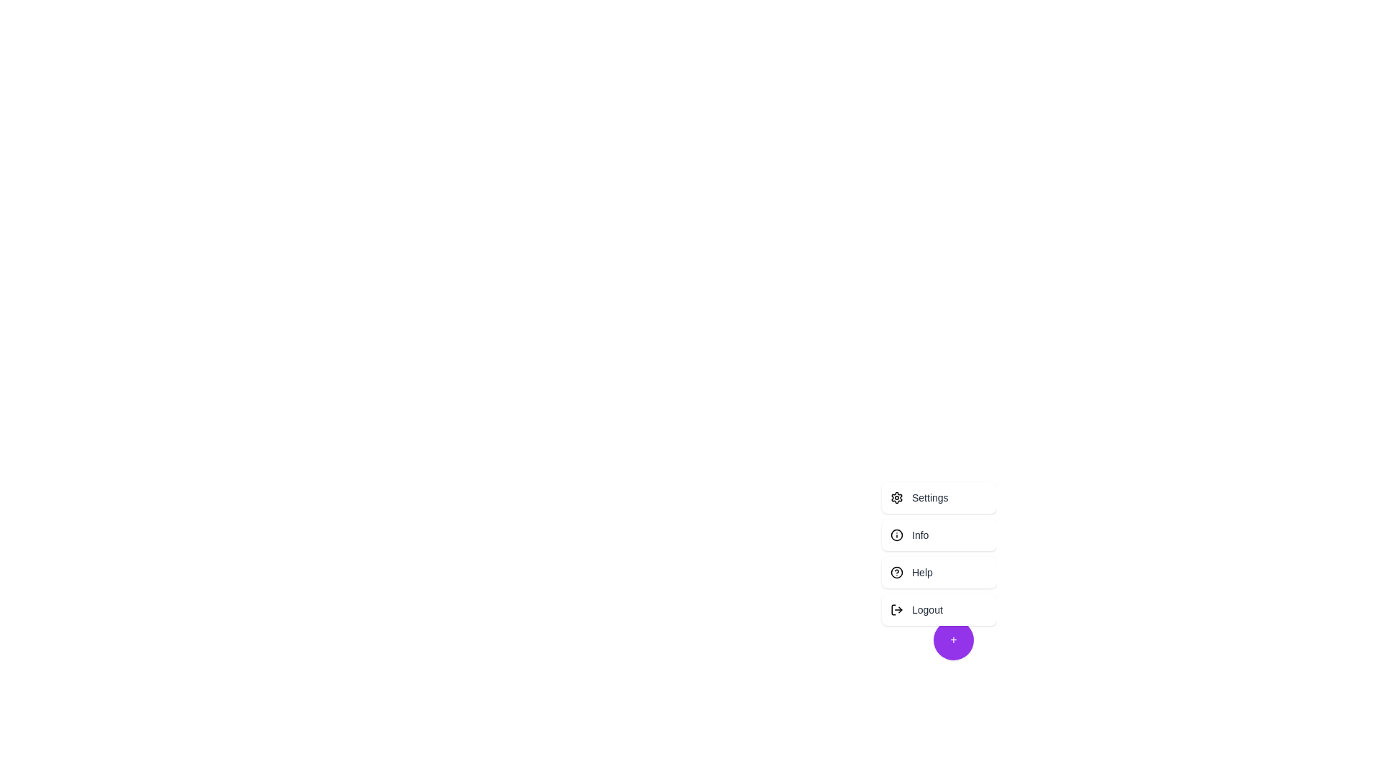  What do you see at coordinates (939, 609) in the screenshot?
I see `the menu option Logout by clicking on it` at bounding box center [939, 609].